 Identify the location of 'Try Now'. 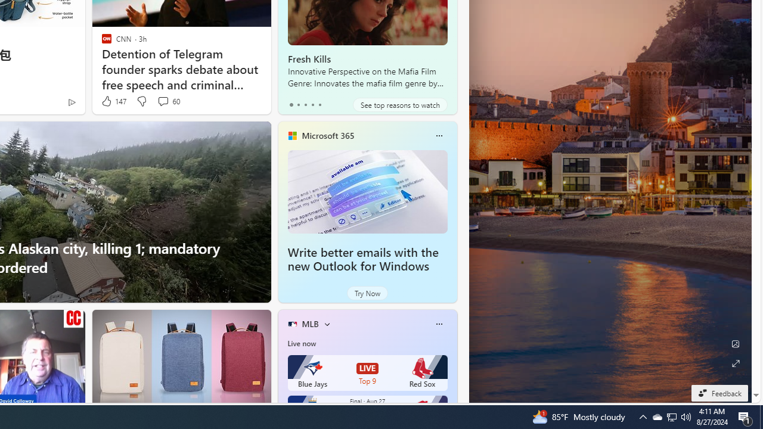
(367, 293).